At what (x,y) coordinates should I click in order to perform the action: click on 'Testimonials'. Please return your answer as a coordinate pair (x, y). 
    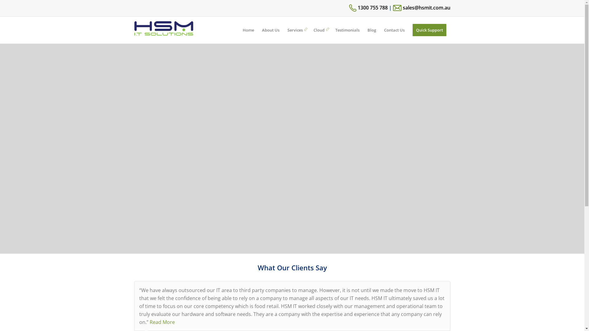
    Looking at the image, I should click on (347, 30).